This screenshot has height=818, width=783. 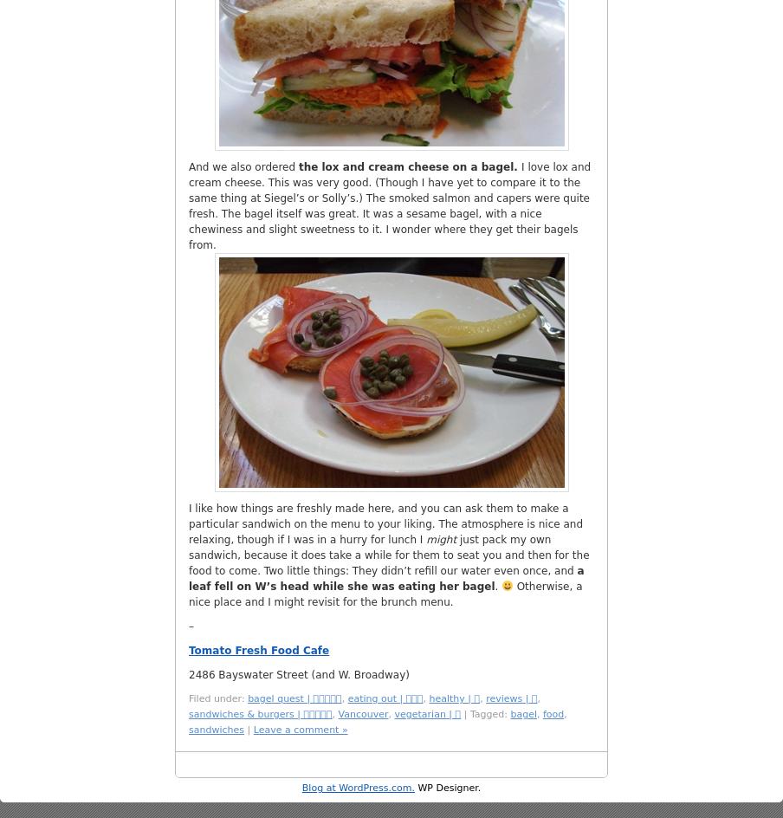 I want to click on '| Tagged:', so click(x=485, y=713).